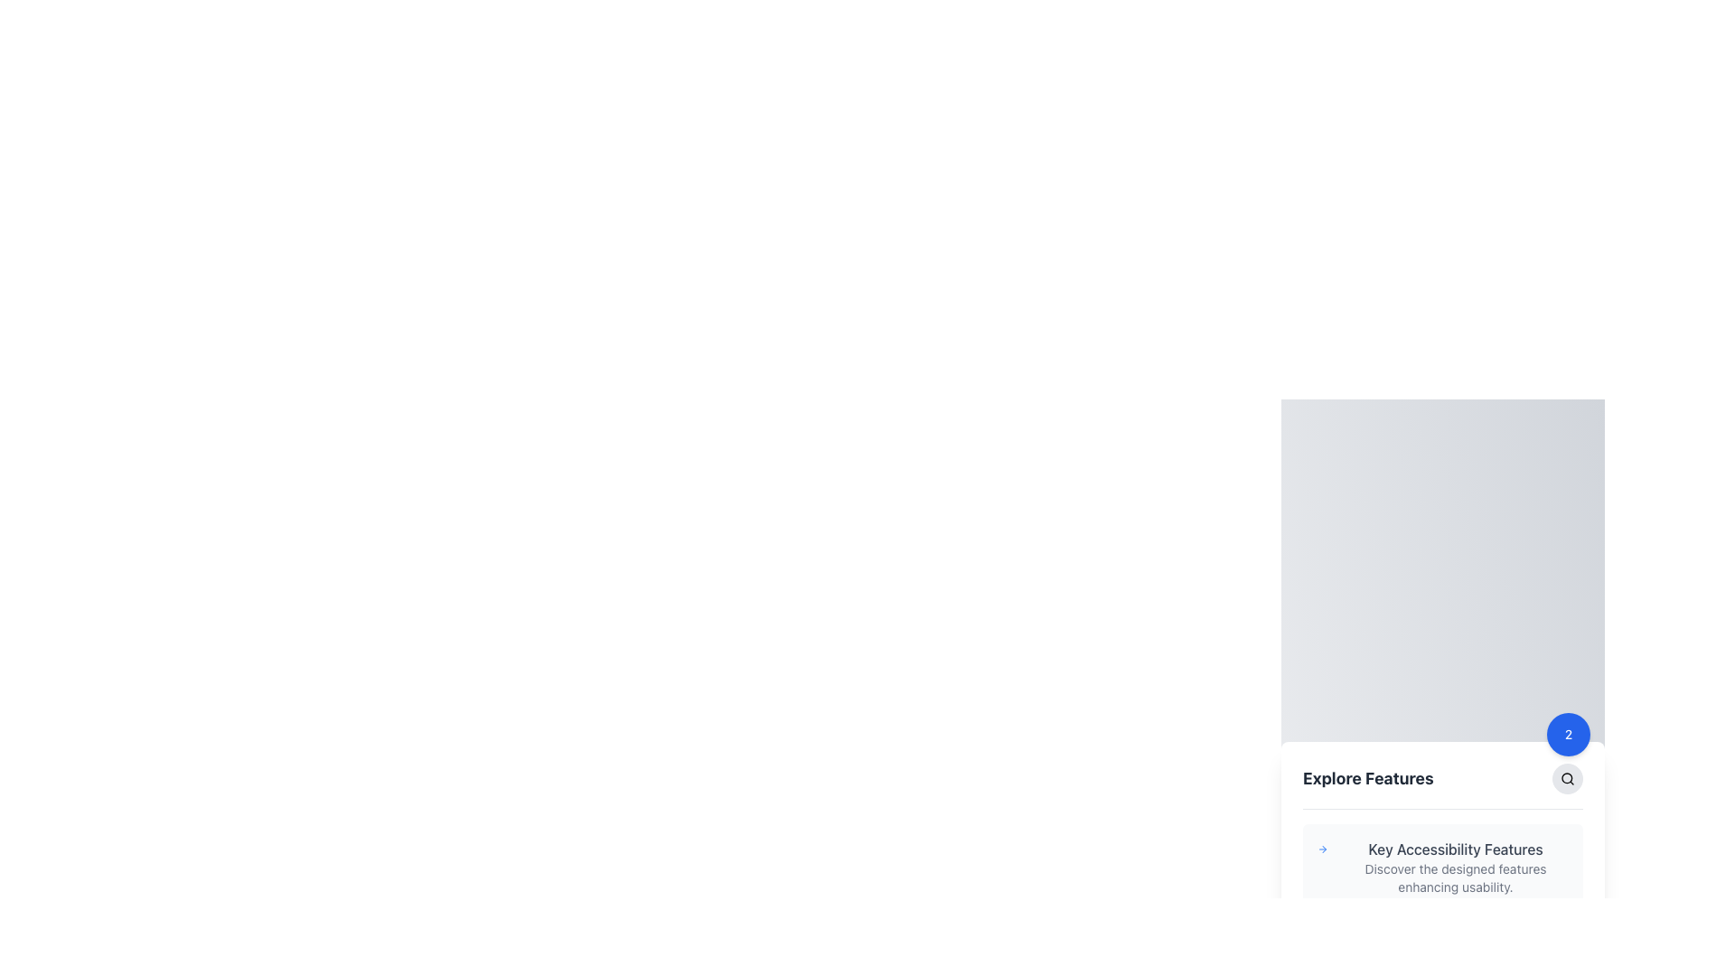  What do you see at coordinates (1323, 849) in the screenshot?
I see `the blue arrow icon pointing to the right, which is located to the left of the text 'Key Accessibility Features'` at bounding box center [1323, 849].